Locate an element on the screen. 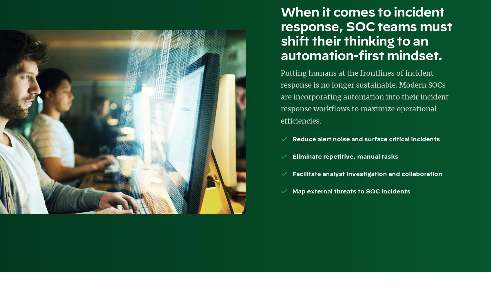 Image resolution: width=491 pixels, height=308 pixels. 'Copyright © 2023 Palo Alto Networks. All rights reserved' is located at coordinates (345, 241).